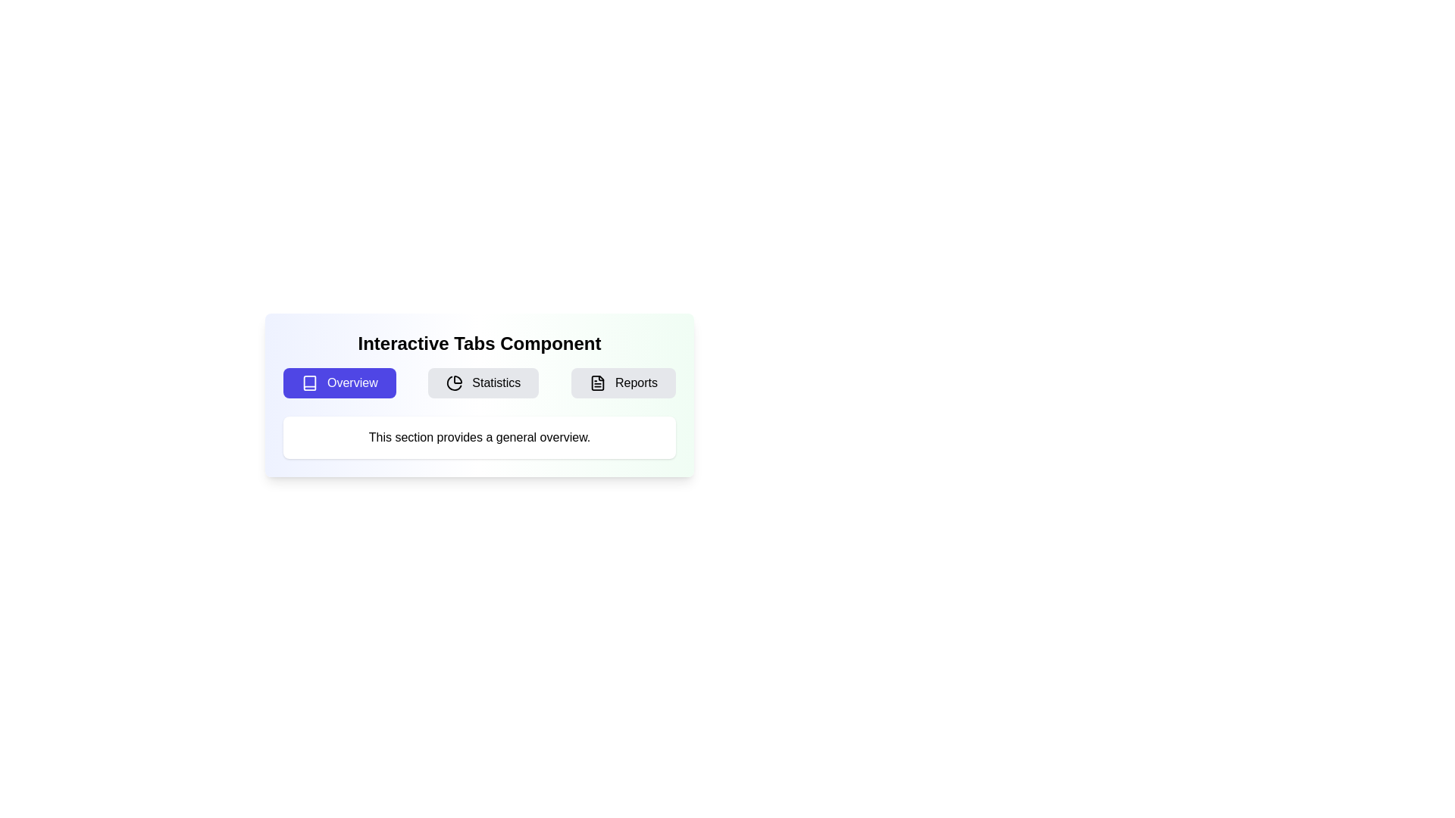 This screenshot has height=818, width=1455. Describe the element at coordinates (308, 382) in the screenshot. I see `the 'Overview' tab icon located on the left side of the interactive tabs component` at that location.